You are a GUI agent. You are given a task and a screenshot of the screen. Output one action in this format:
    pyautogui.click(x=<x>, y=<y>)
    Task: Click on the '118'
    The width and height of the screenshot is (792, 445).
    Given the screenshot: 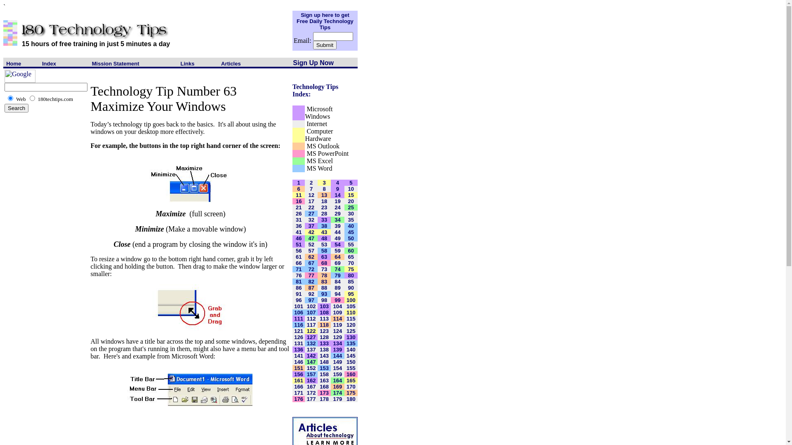 What is the action you would take?
    pyautogui.click(x=324, y=324)
    